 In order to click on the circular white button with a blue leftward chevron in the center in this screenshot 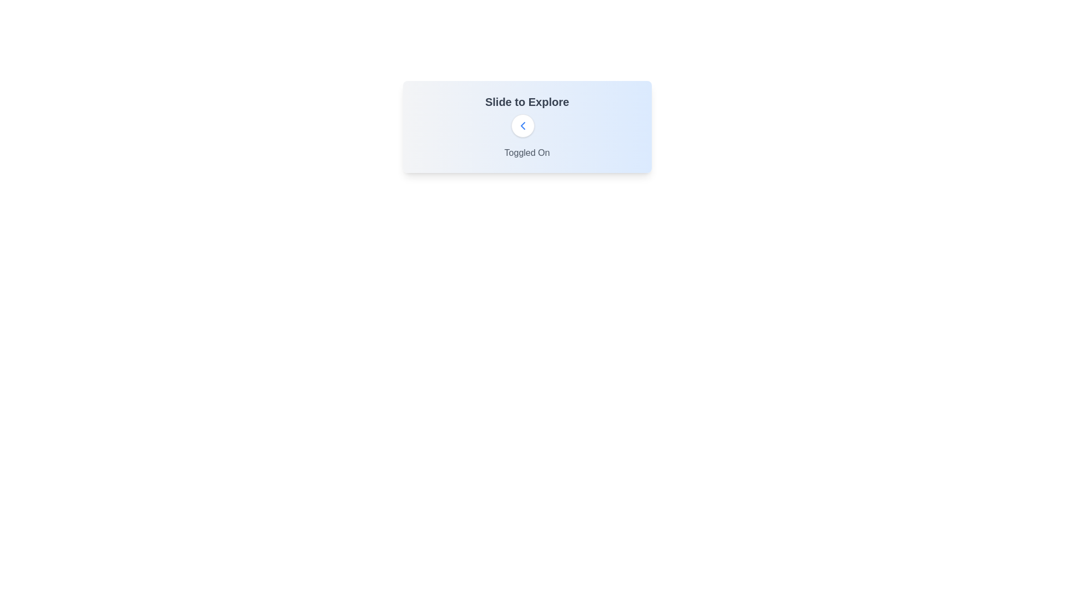, I will do `click(526, 125)`.